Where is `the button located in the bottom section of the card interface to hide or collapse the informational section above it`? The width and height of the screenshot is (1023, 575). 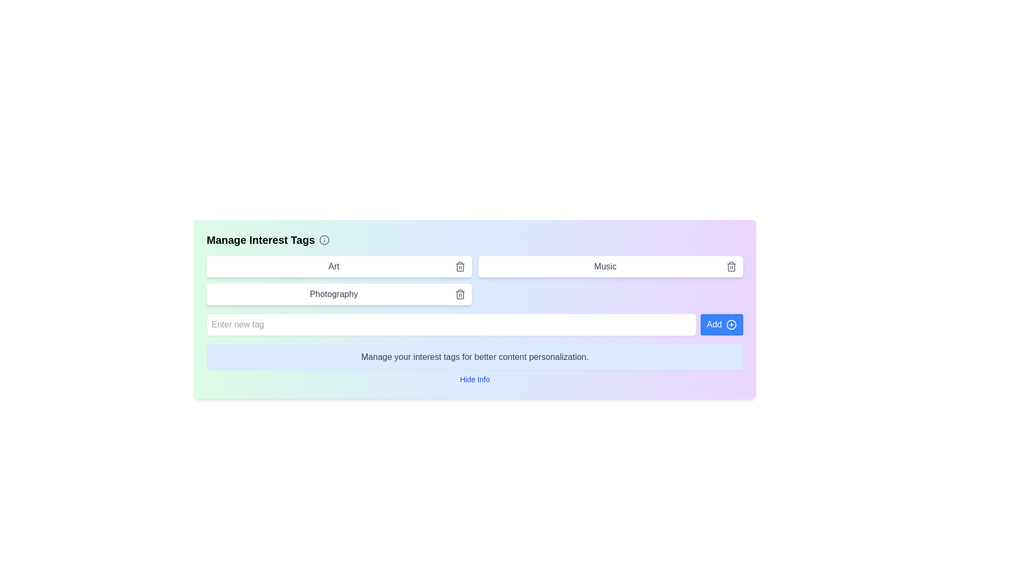
the button located in the bottom section of the card interface to hide or collapse the informational section above it is located at coordinates (474, 379).